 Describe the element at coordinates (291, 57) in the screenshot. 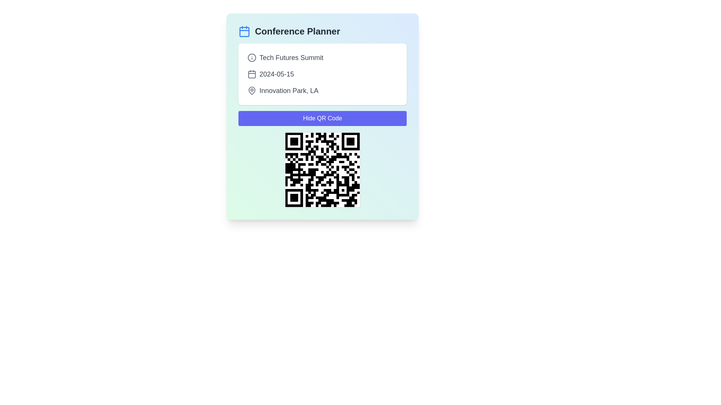

I see `the Text Display showing 'Tech Futures Summit' in bold gray text, located within the 'Conference Planner' panel` at that location.